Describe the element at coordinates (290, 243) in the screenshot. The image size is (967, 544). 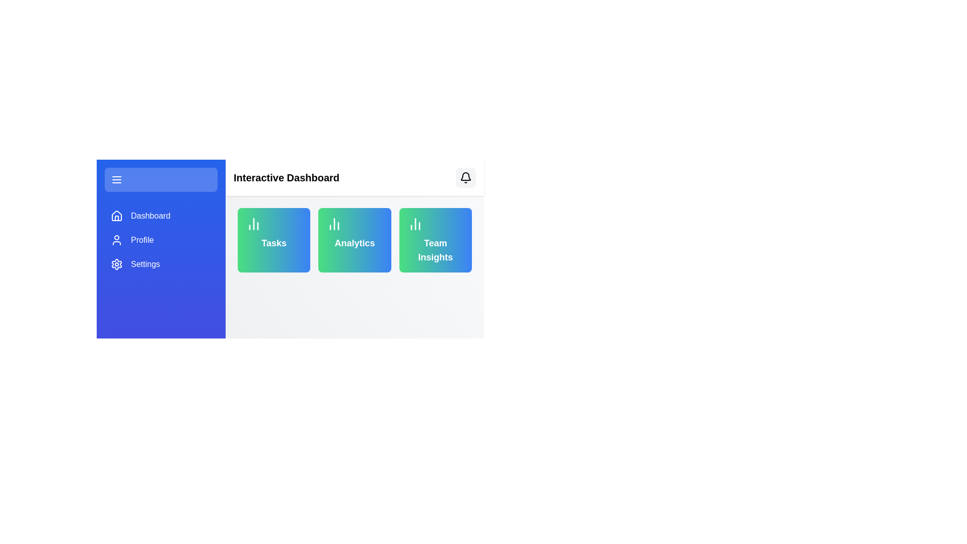
I see `the main user interface section containing navigation buttons, labels, and informational cards to interact with it` at that location.